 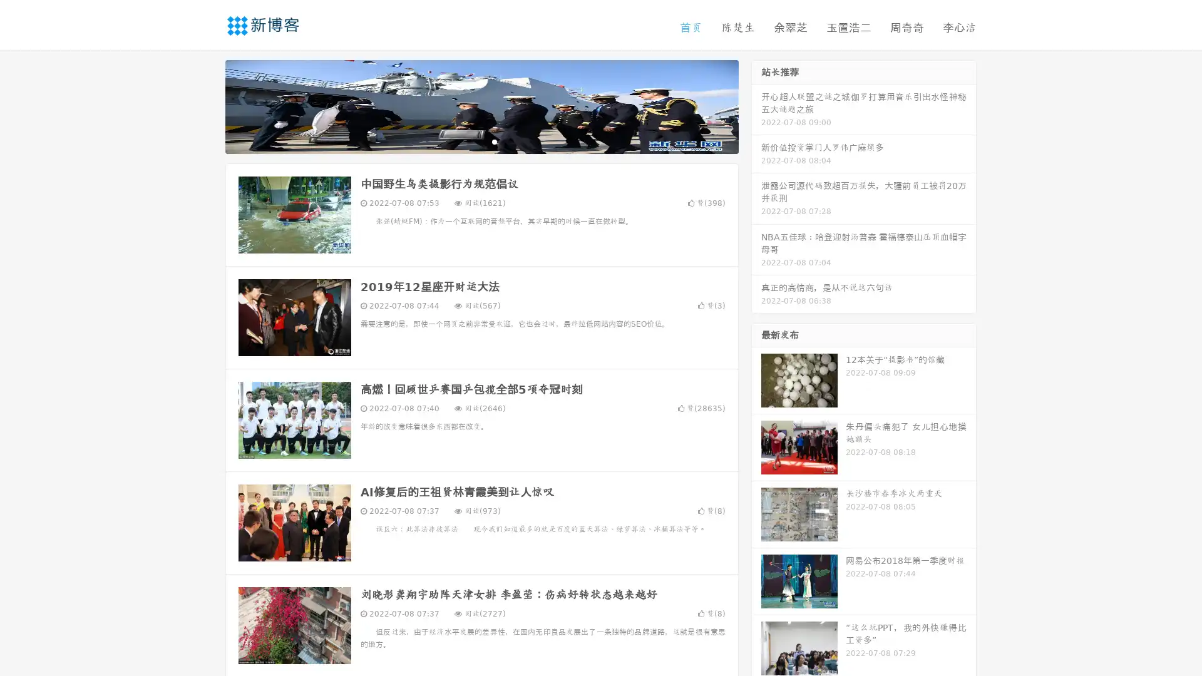 I want to click on Go to slide 2, so click(x=481, y=141).